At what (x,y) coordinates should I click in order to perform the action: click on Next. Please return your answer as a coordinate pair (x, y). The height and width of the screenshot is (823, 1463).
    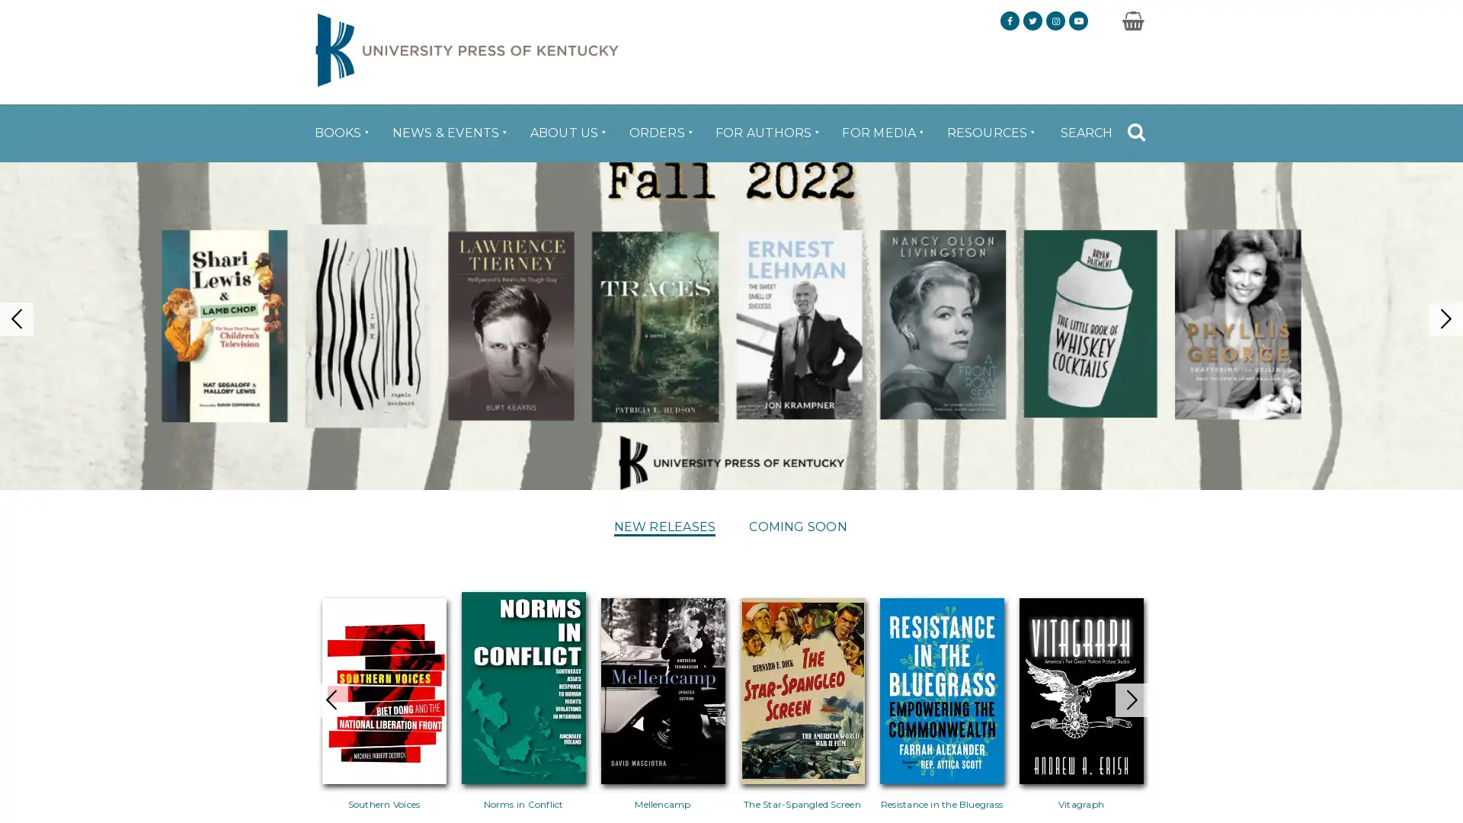
    Looking at the image, I should click on (1161, 675).